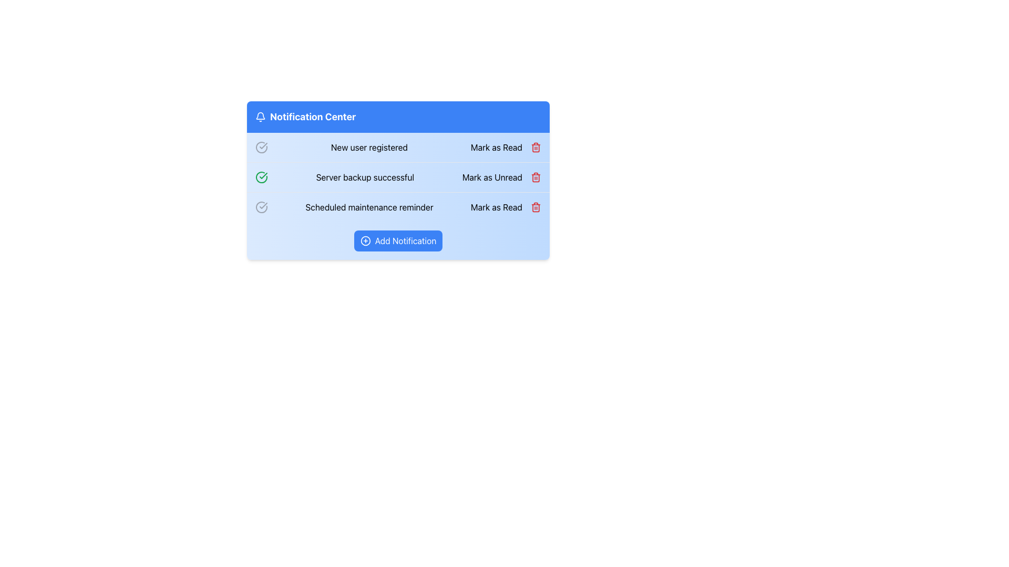 Image resolution: width=1009 pixels, height=567 pixels. Describe the element at coordinates (398, 176) in the screenshot. I see `the Notification List Item that indicates the successful completion of a server backup` at that location.